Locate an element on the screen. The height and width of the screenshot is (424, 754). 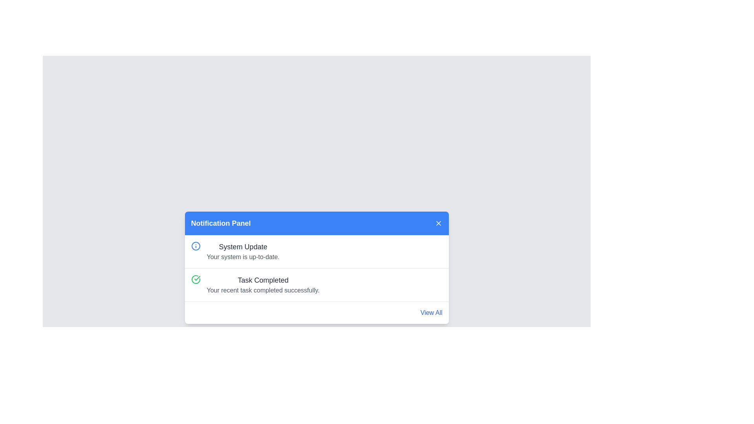
the text label component that displays 'Task Completed.' This element is styled in bold, larger font, and is dark gray, located in the lower section of a notification card is located at coordinates (263, 280).